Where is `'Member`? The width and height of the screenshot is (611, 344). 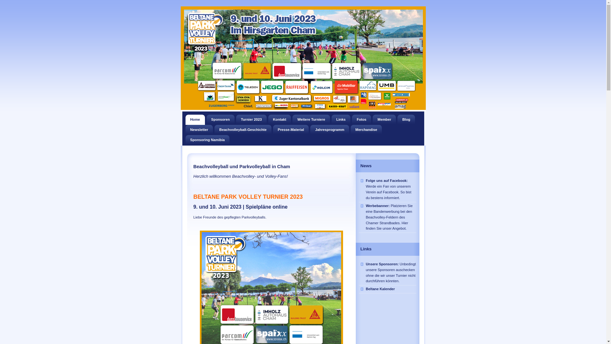
'Member is located at coordinates (384, 119).